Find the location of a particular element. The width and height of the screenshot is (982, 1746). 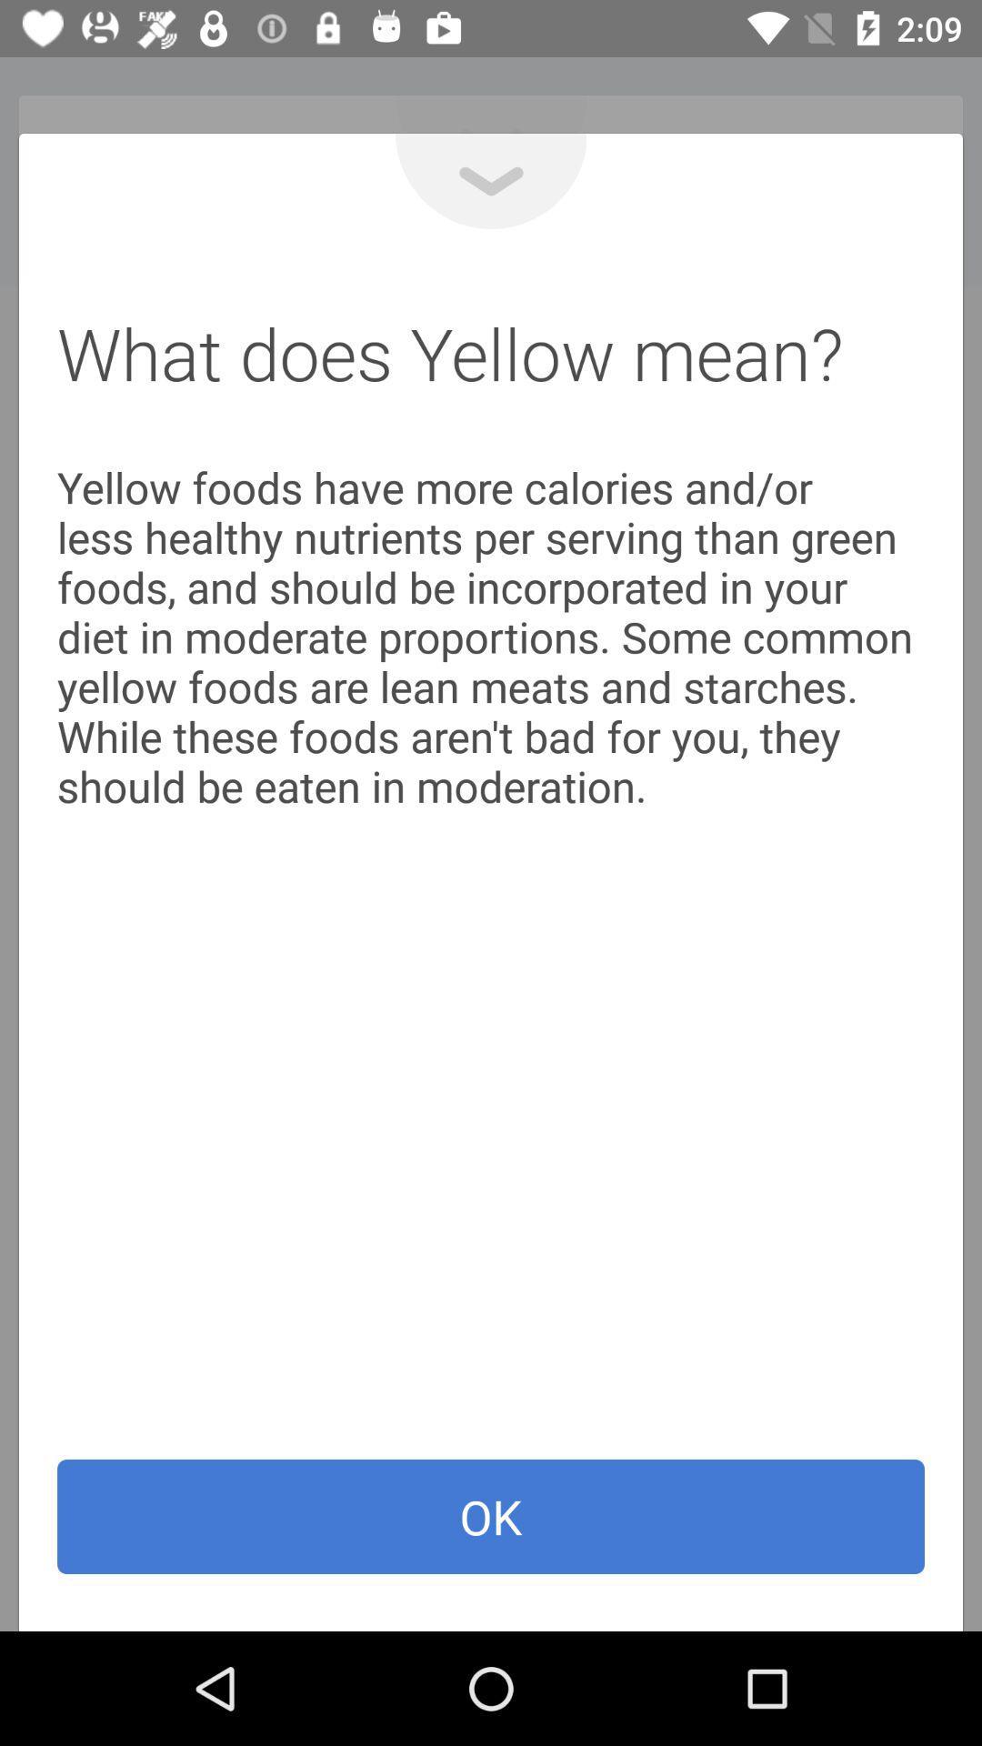

the ok is located at coordinates (491, 1517).